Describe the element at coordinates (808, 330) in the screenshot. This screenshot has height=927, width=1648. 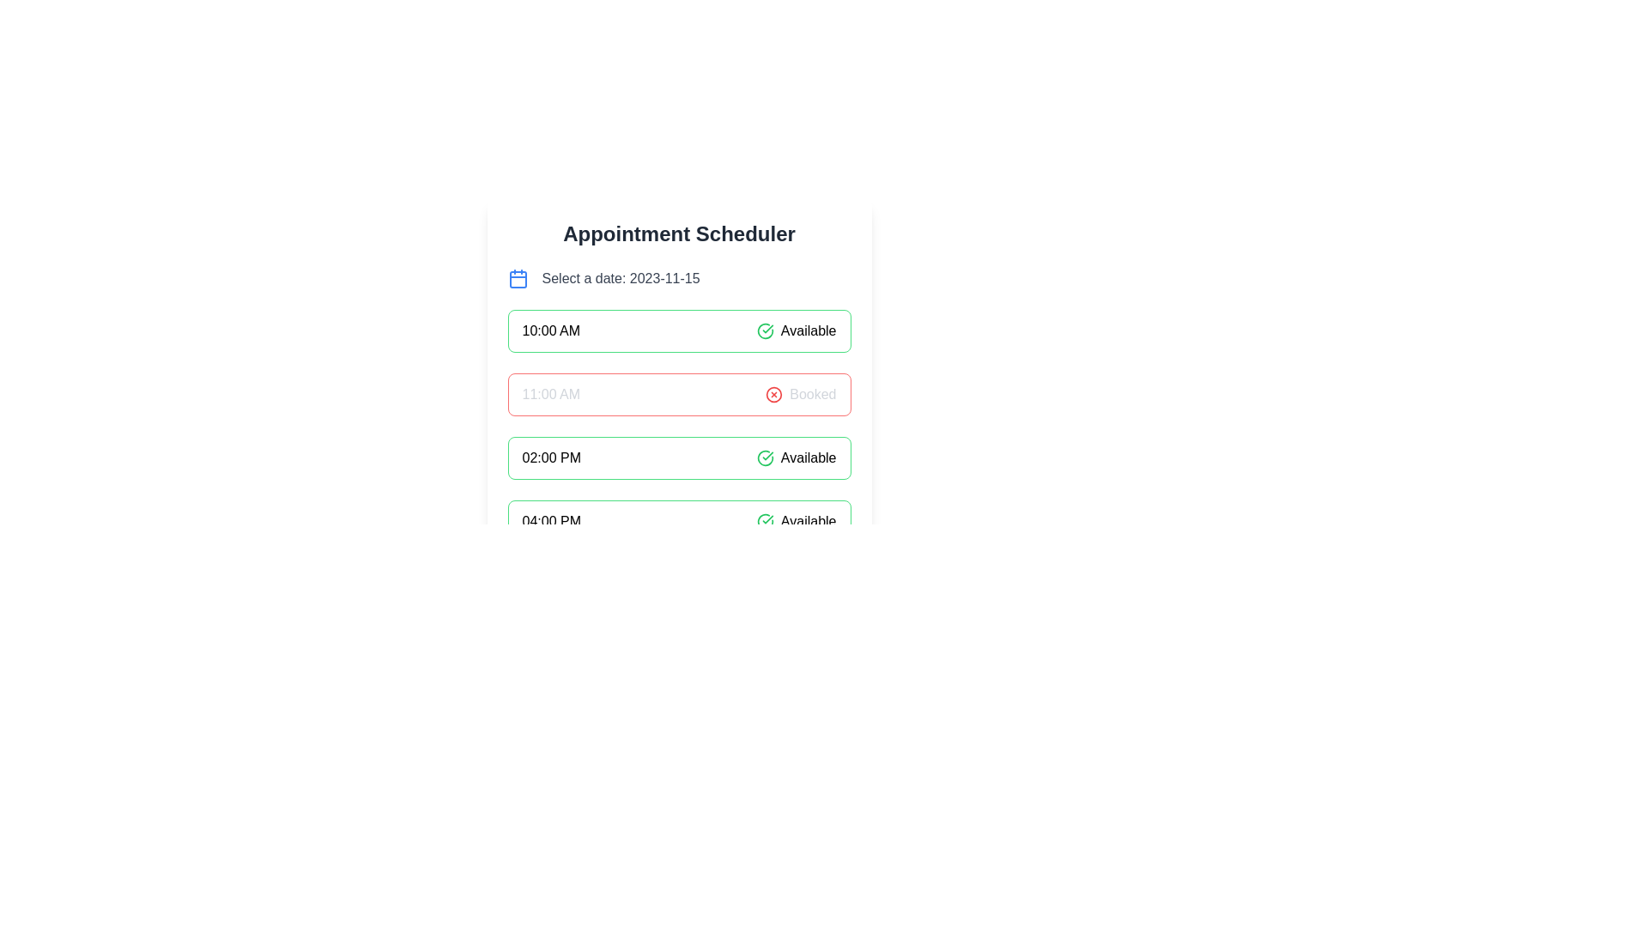
I see `the text label displaying 'Available' which is located to the right of a green circular checkmark icon in the appointment scheduler interface` at that location.